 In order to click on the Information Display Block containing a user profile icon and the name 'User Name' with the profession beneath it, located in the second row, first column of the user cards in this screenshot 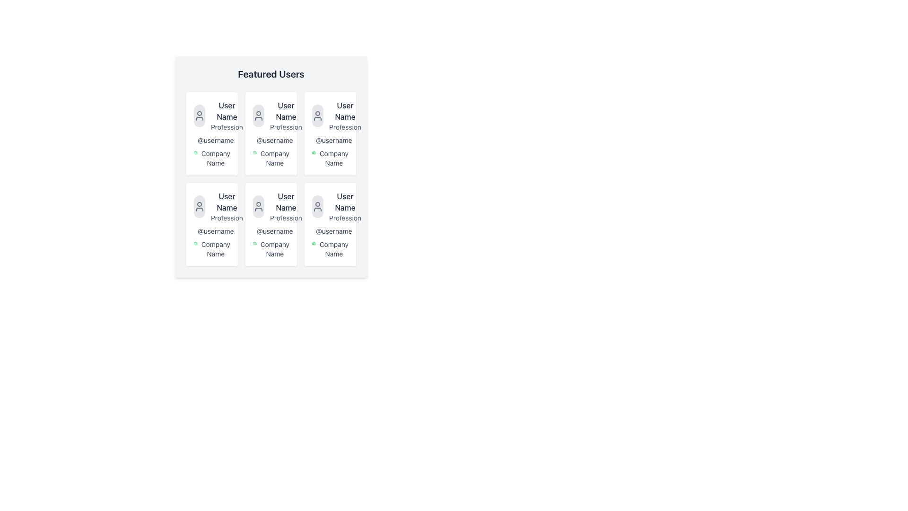, I will do `click(211, 206)`.